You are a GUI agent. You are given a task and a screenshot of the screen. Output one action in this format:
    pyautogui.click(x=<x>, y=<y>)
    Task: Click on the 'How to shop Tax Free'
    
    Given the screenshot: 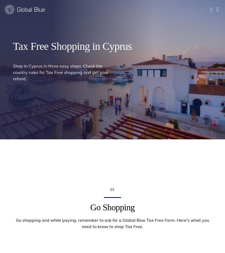 What is the action you would take?
    pyautogui.click(x=93, y=32)
    